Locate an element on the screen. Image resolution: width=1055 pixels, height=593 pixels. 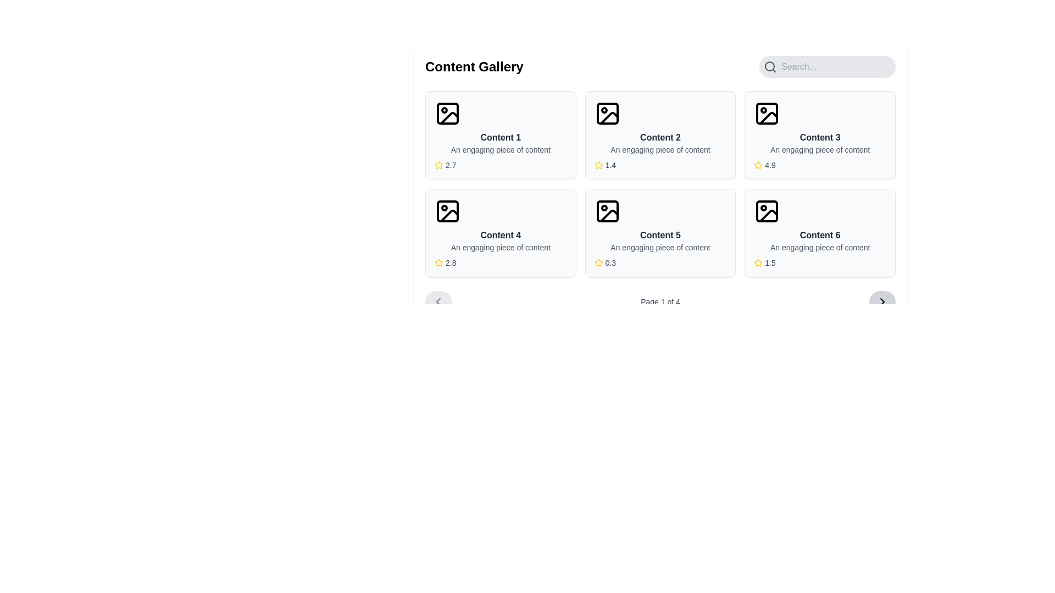
the pagination navigation button, which is an SVG-based arrow icon inside a circular button located at the bottom-left corner of the layout is located at coordinates (437, 302).